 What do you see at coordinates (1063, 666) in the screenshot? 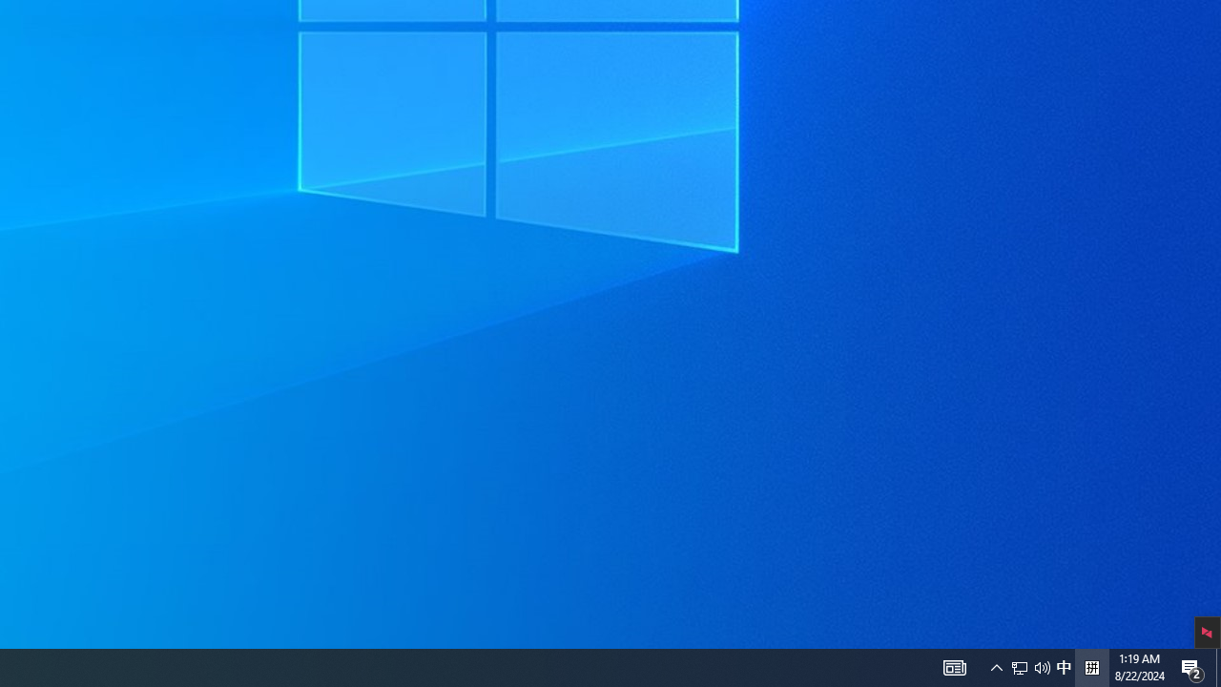
I see `'User Promoted Notification Area'` at bounding box center [1063, 666].